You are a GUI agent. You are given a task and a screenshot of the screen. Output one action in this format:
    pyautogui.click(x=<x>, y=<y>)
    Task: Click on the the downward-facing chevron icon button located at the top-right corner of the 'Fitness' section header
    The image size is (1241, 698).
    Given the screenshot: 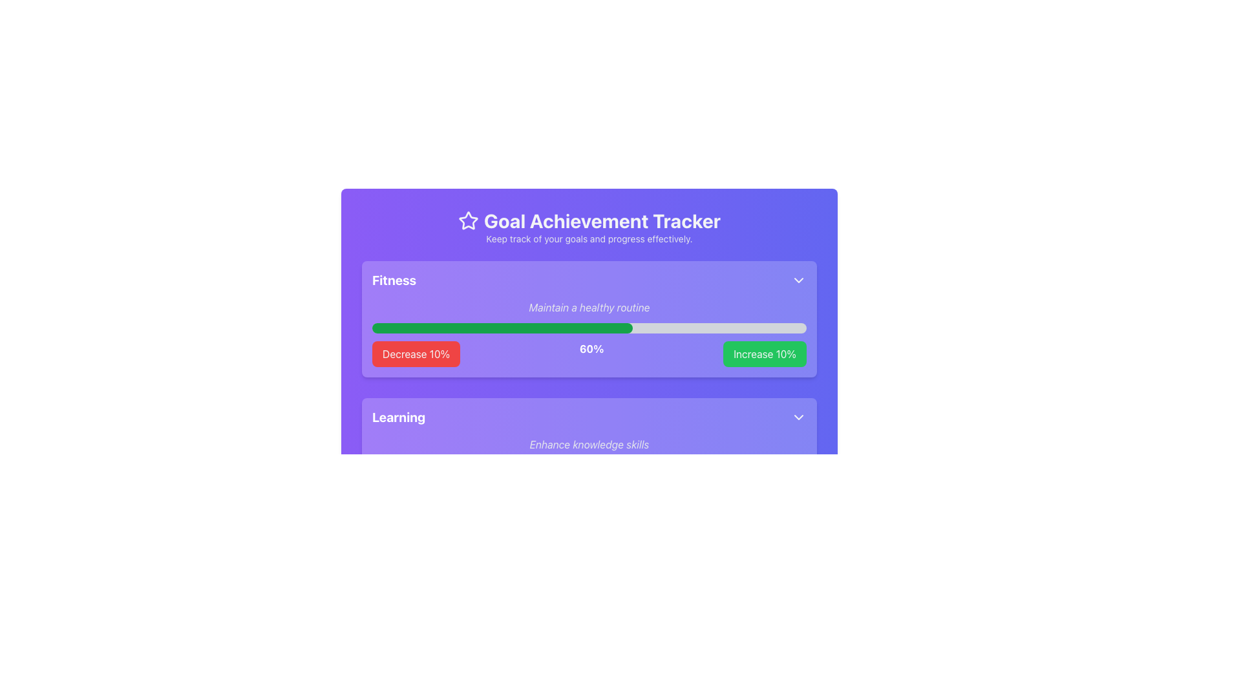 What is the action you would take?
    pyautogui.click(x=798, y=280)
    